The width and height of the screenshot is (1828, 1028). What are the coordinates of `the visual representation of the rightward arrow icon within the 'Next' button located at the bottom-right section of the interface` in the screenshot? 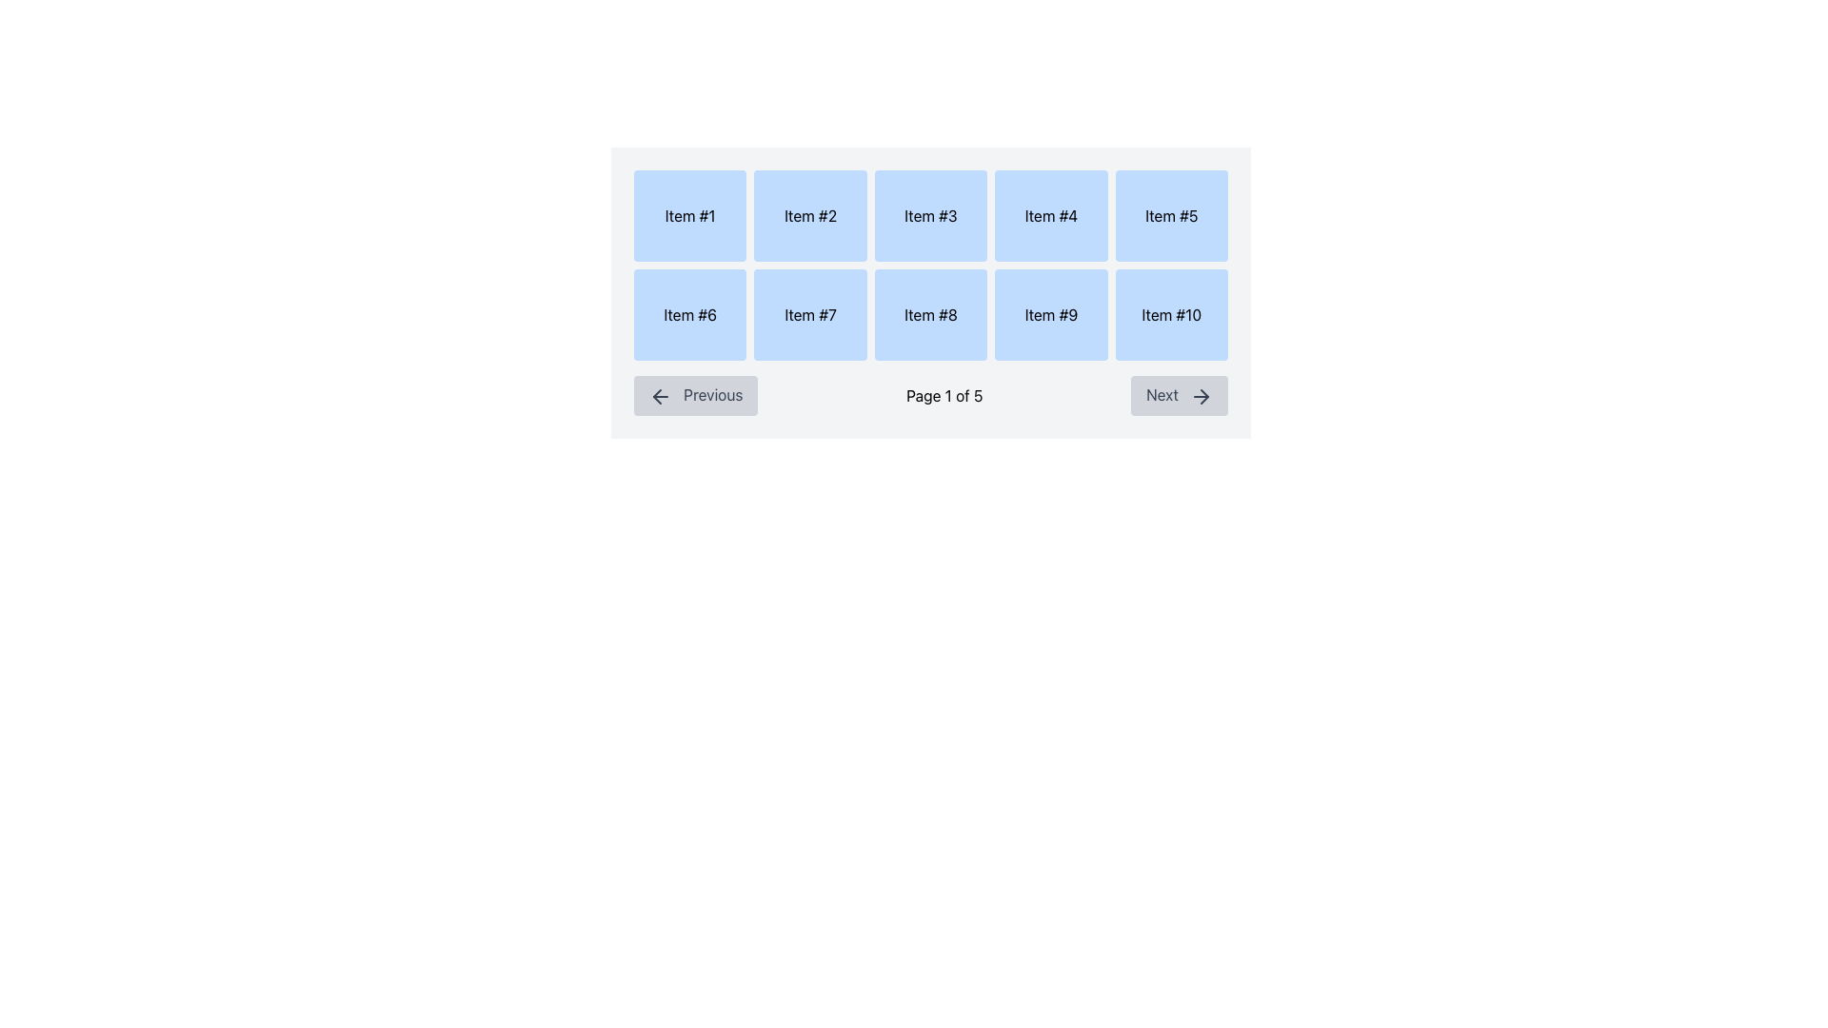 It's located at (1201, 395).